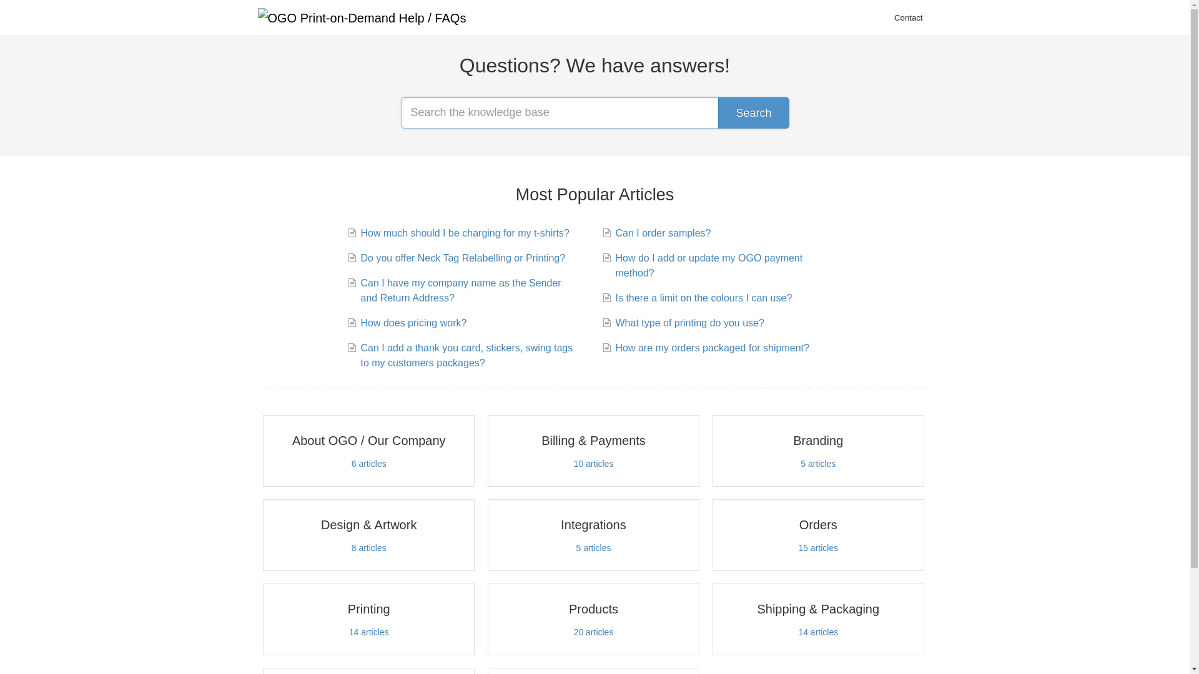 This screenshot has height=674, width=1199. I want to click on 'Search', so click(752, 113).